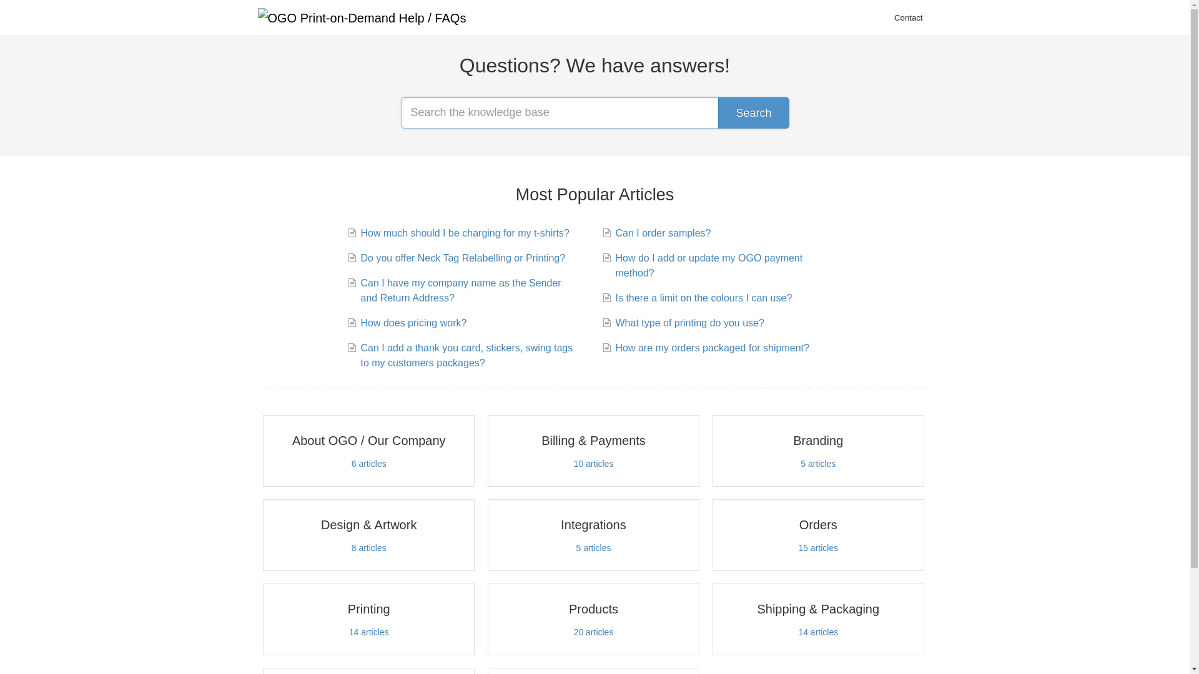 This screenshot has height=674, width=1199. I want to click on 'Search', so click(752, 113).